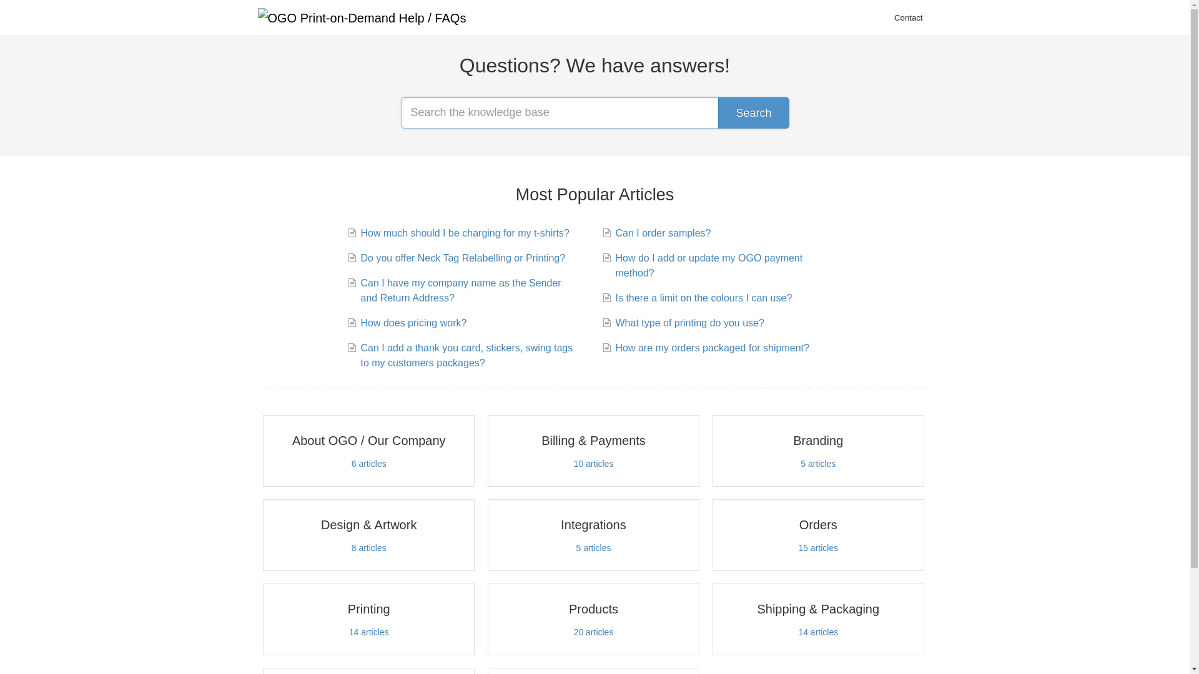 This screenshot has height=674, width=1199. I want to click on 'Search', so click(752, 113).